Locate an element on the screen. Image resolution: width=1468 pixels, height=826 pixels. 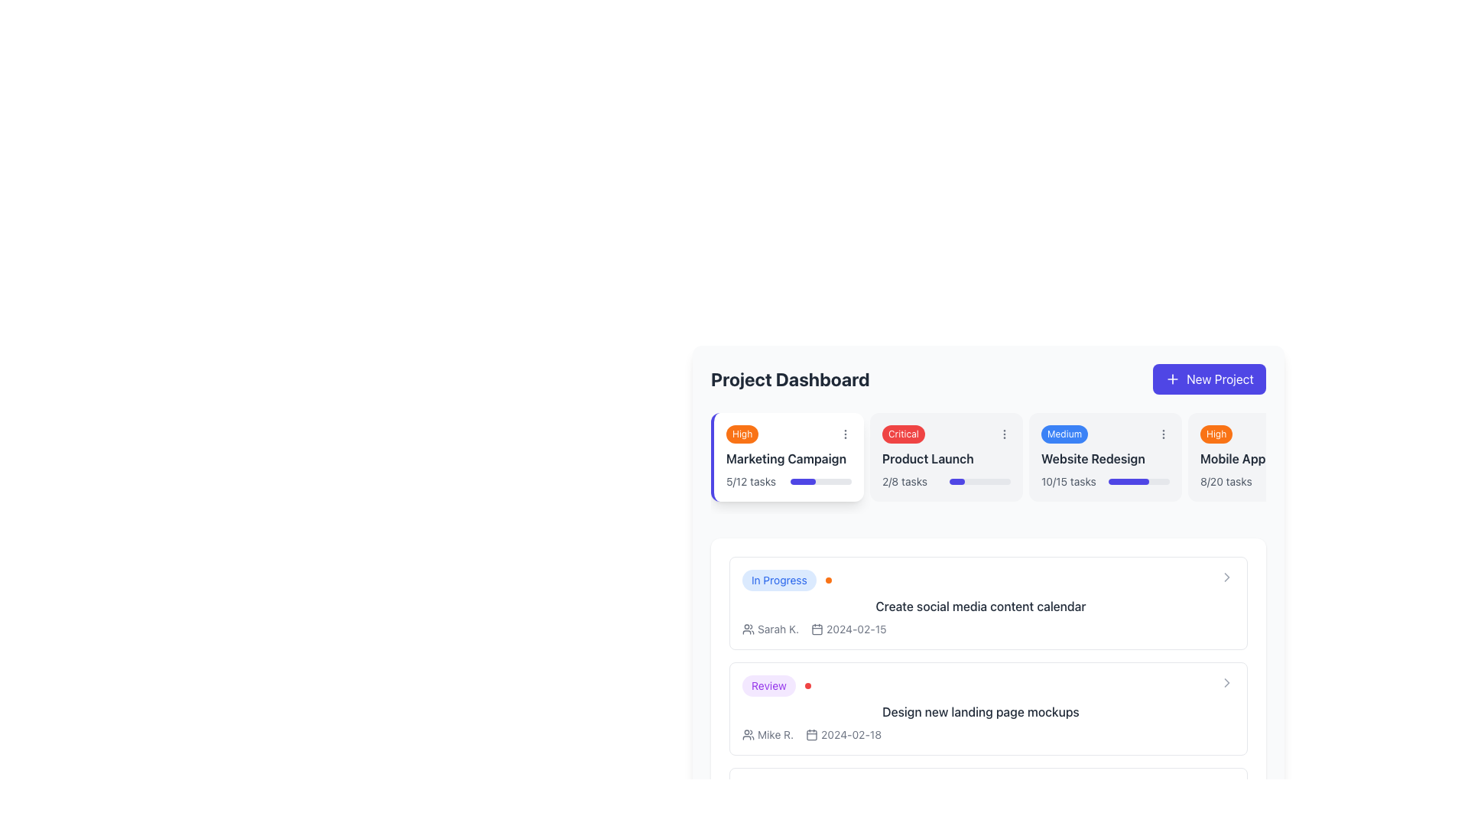
text label of the Progress indicator located under the 'Product Launch' card in the 'Project Dashboard' section to understand the task progress is located at coordinates (946, 480).